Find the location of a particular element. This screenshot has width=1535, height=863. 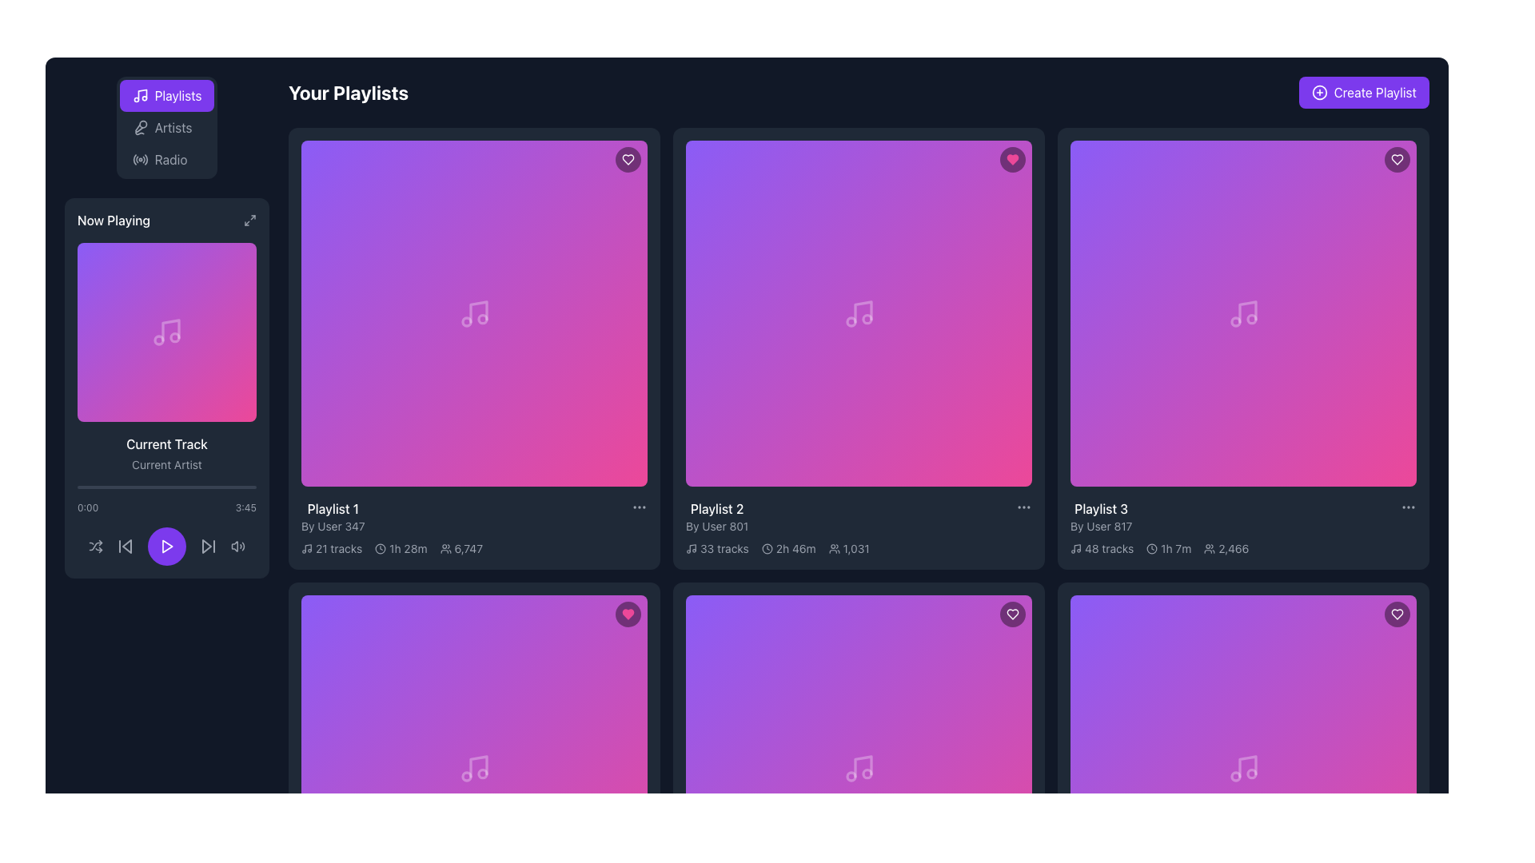

the musical note icon located to the left of the text '33 tracks' beneath the 'Playlist 2' header in the second card of the playlist grid is located at coordinates (691, 547).